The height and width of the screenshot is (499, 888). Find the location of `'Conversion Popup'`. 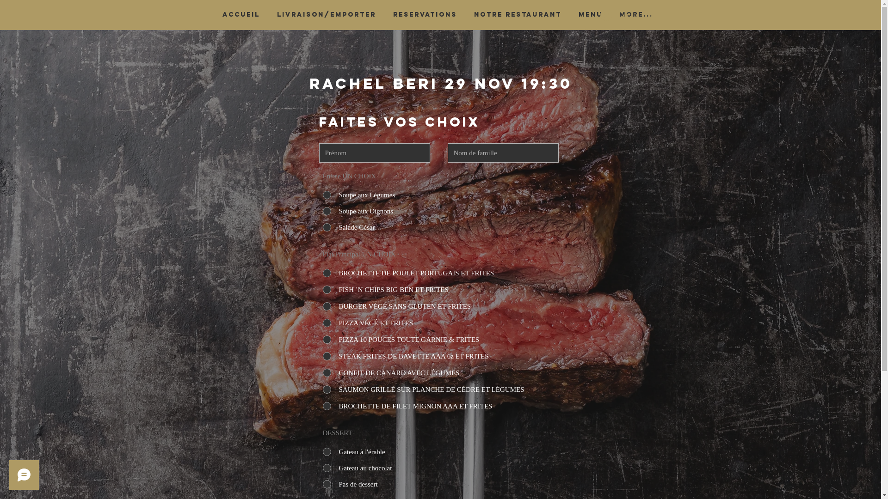

'Conversion Popup' is located at coordinates (440, 9).